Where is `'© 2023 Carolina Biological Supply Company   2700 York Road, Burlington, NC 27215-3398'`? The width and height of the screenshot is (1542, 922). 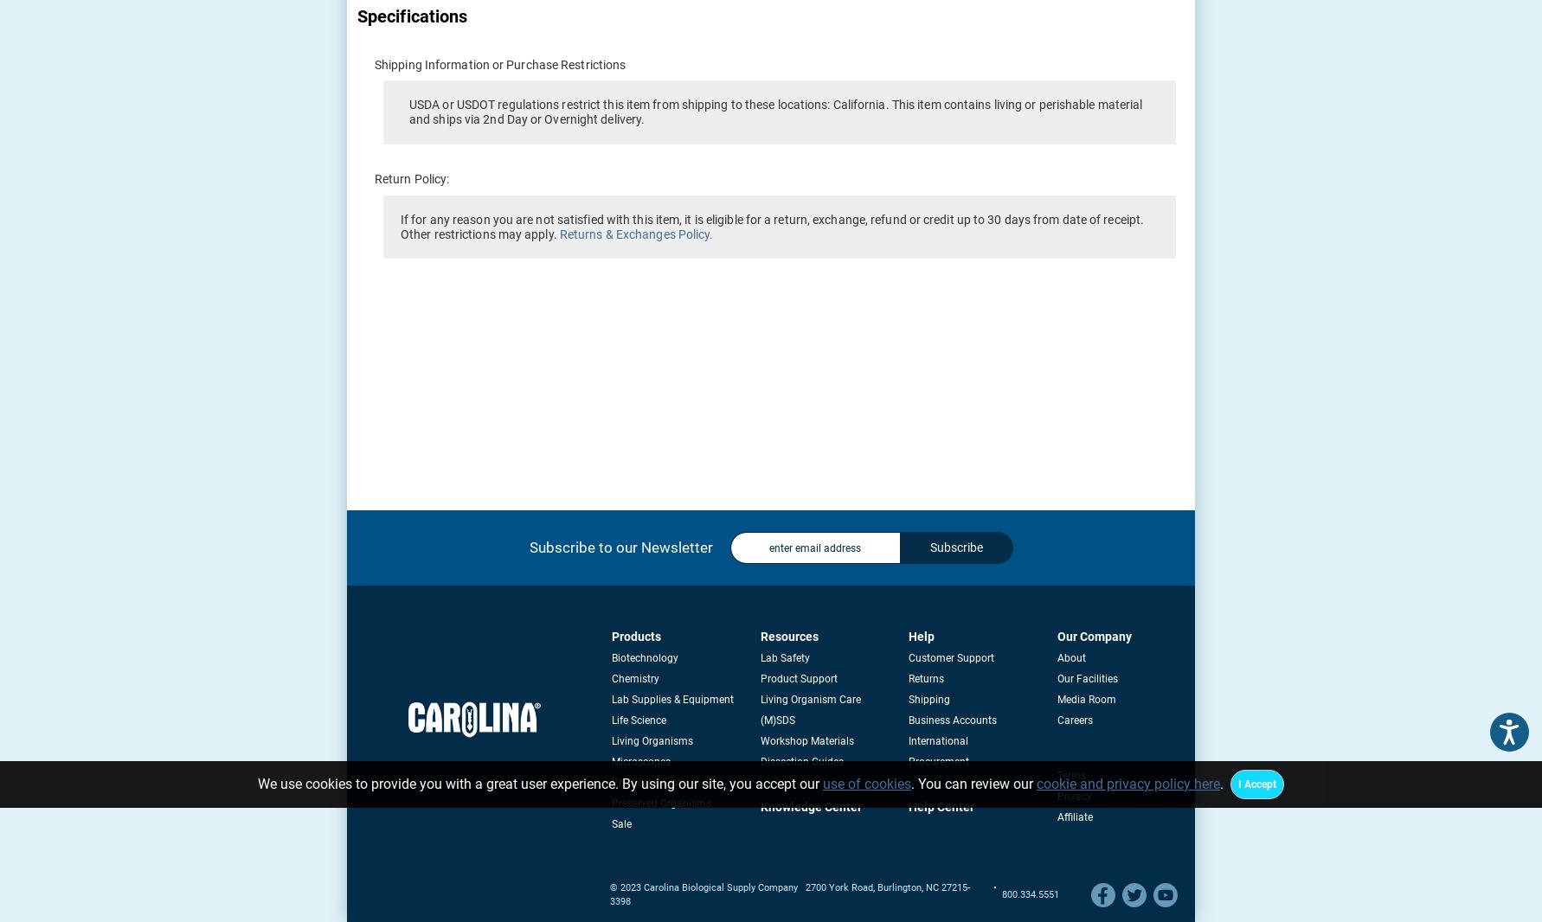
'© 2023 Carolina Biological Supply Company   2700 York Road, Burlington, NC 27215-3398' is located at coordinates (789, 894).